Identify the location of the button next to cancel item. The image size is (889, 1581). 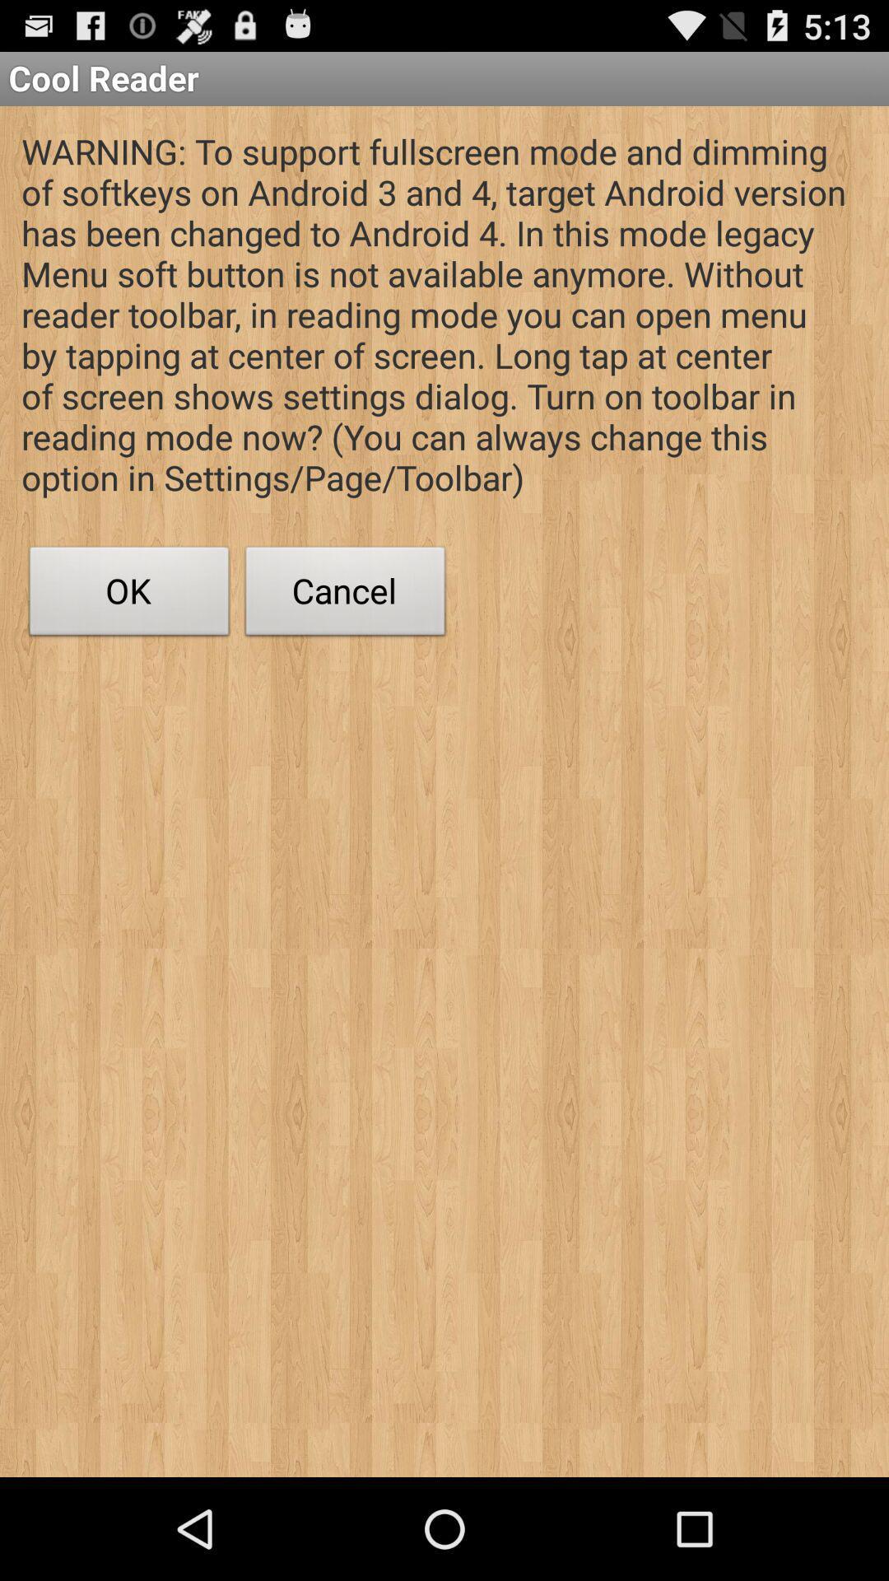
(128, 595).